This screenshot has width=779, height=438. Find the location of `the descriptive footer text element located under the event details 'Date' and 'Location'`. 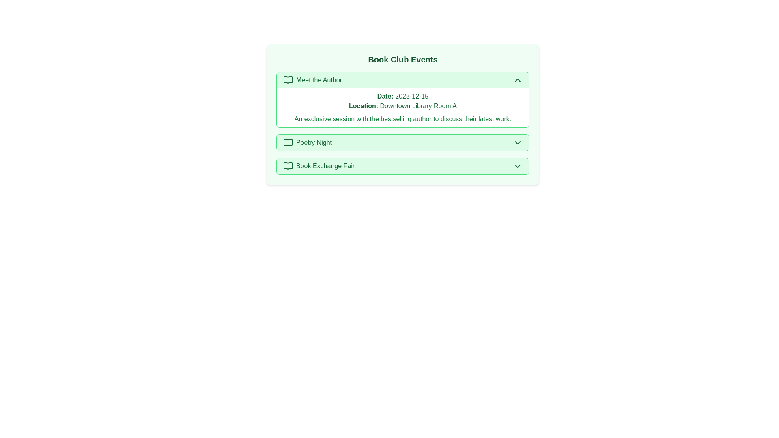

the descriptive footer text element located under the event details 'Date' and 'Location' is located at coordinates (403, 119).